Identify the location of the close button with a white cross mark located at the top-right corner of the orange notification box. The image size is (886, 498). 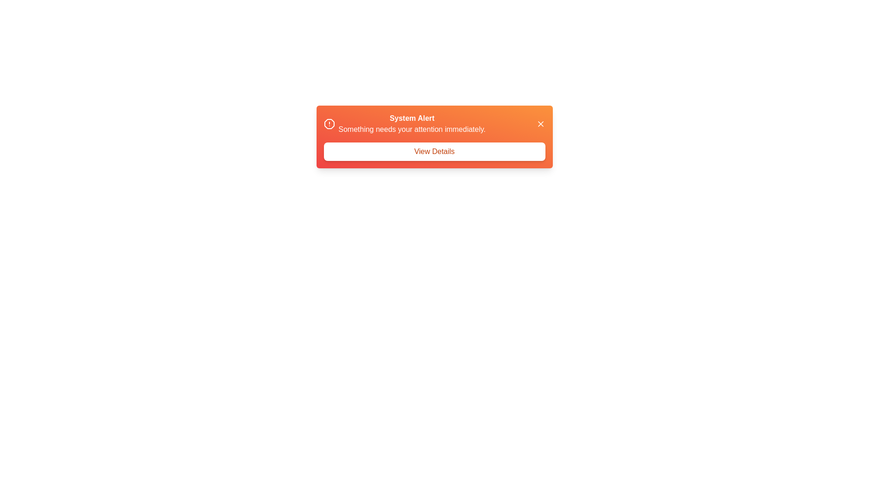
(540, 124).